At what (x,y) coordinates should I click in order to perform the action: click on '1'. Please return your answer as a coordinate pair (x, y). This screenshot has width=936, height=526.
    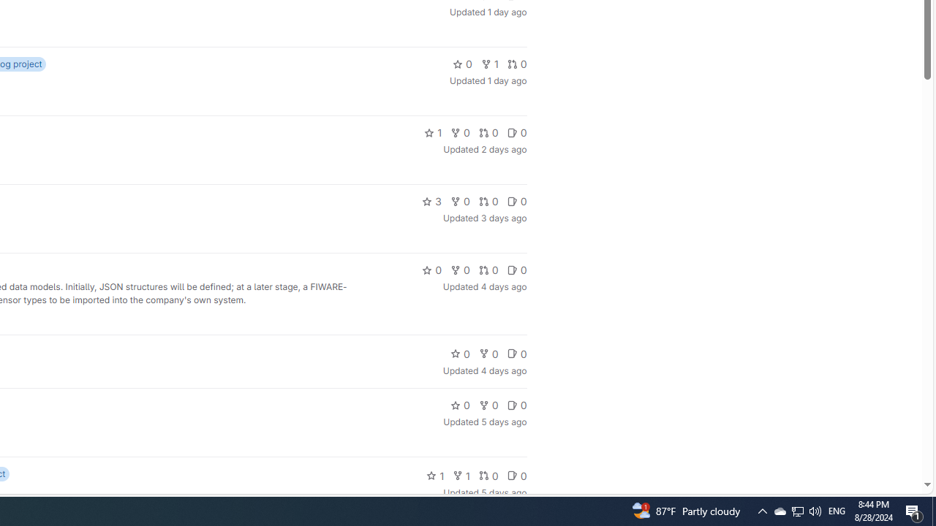
    Looking at the image, I should click on (461, 475).